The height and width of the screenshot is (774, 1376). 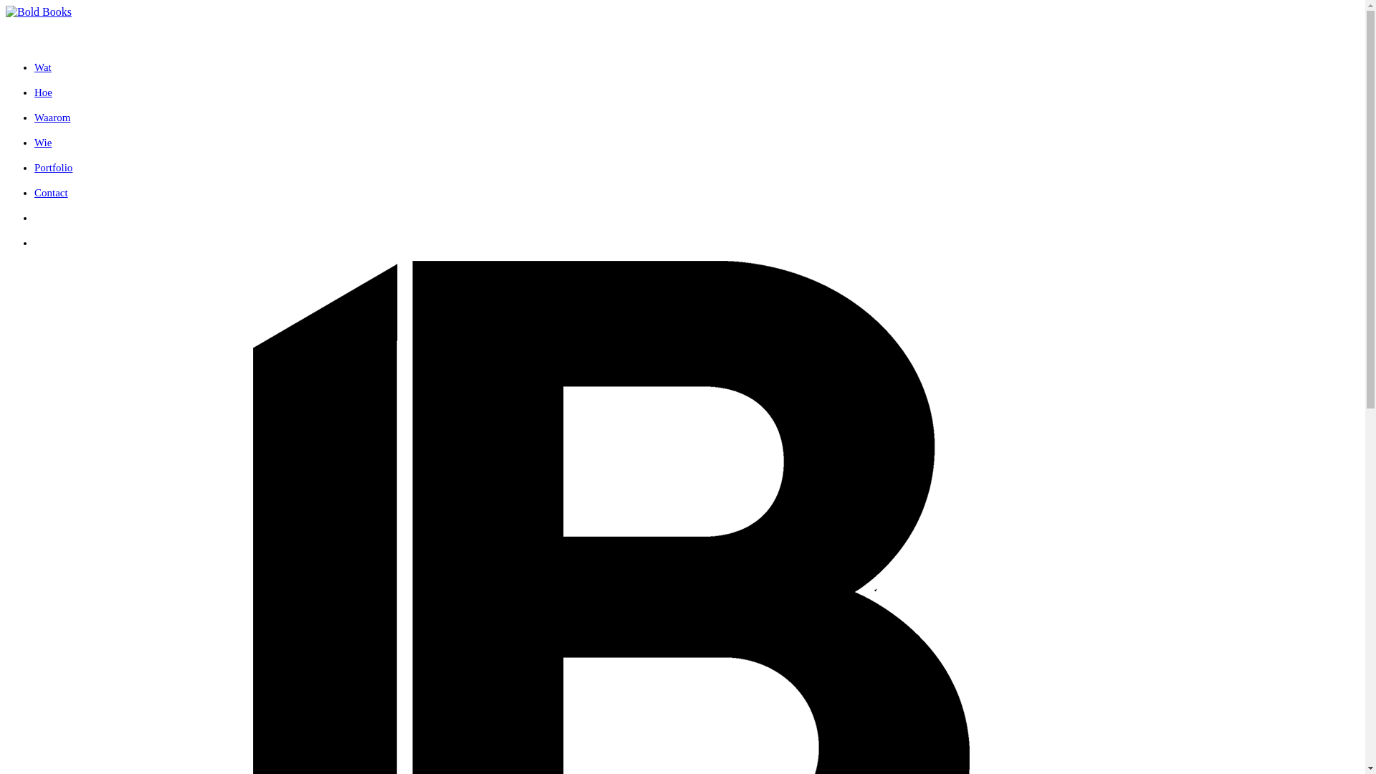 What do you see at coordinates (42, 143) in the screenshot?
I see `'Wie'` at bounding box center [42, 143].